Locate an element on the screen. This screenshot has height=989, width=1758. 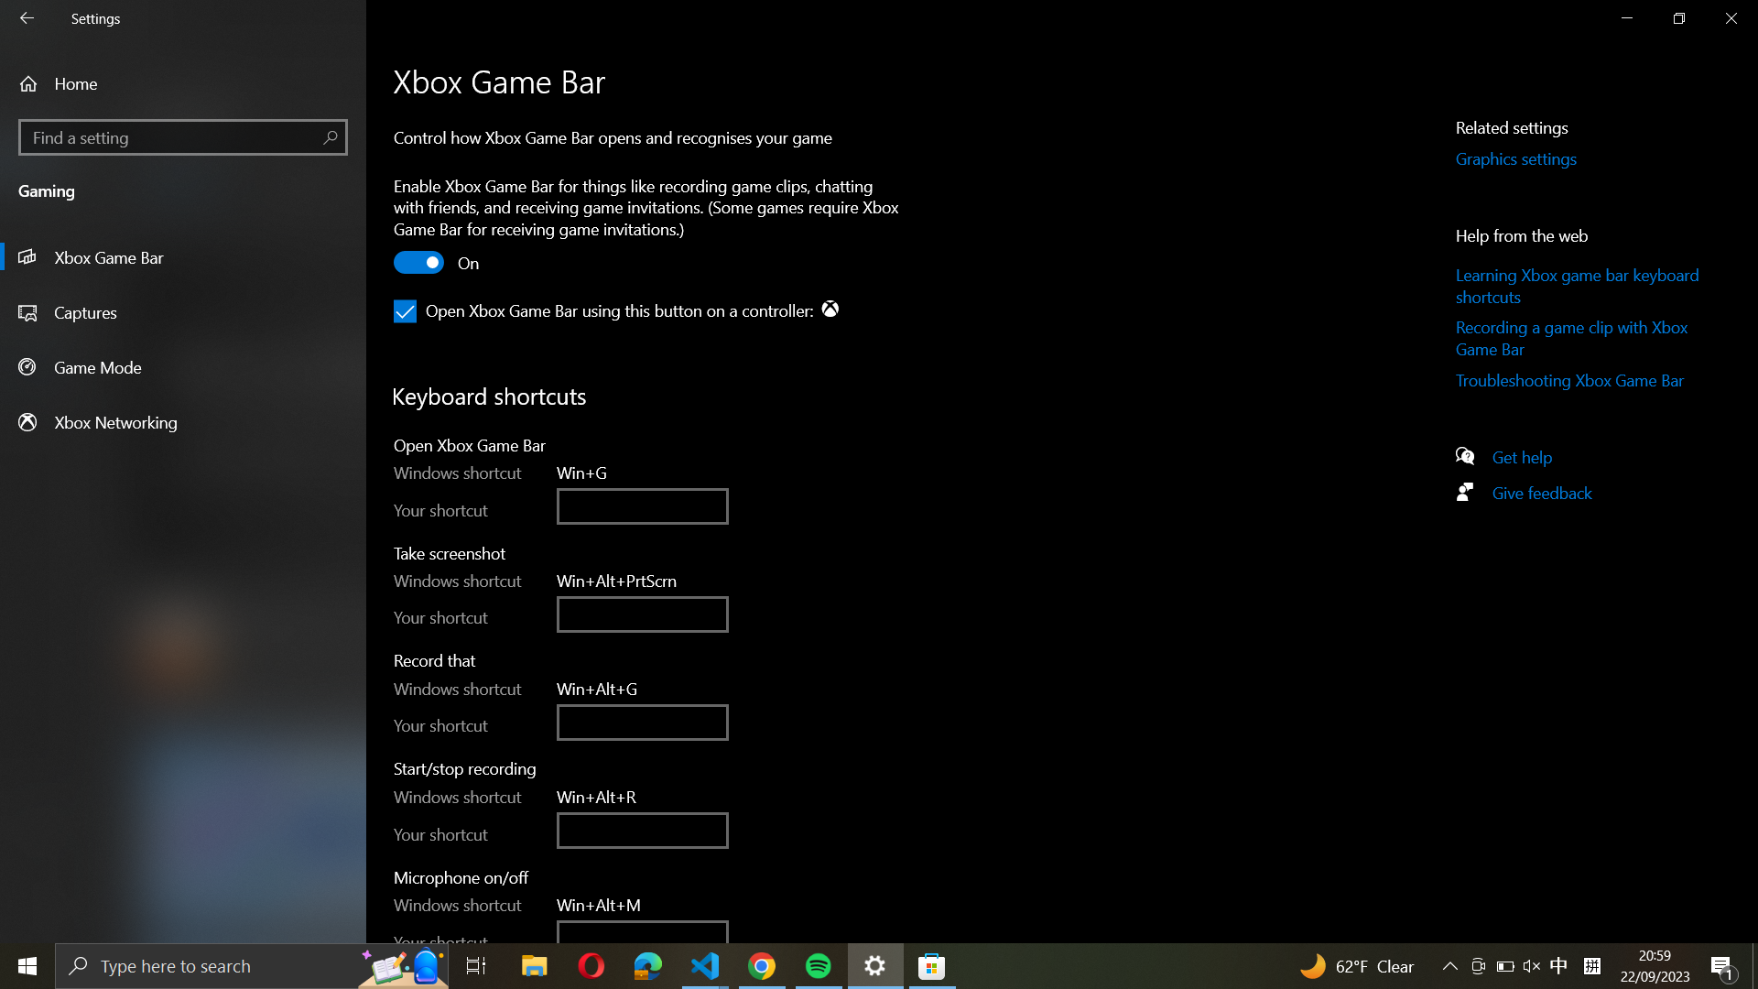
Return to the primary screen in settings by tapping on the house-shaped button is located at coordinates (183, 83).